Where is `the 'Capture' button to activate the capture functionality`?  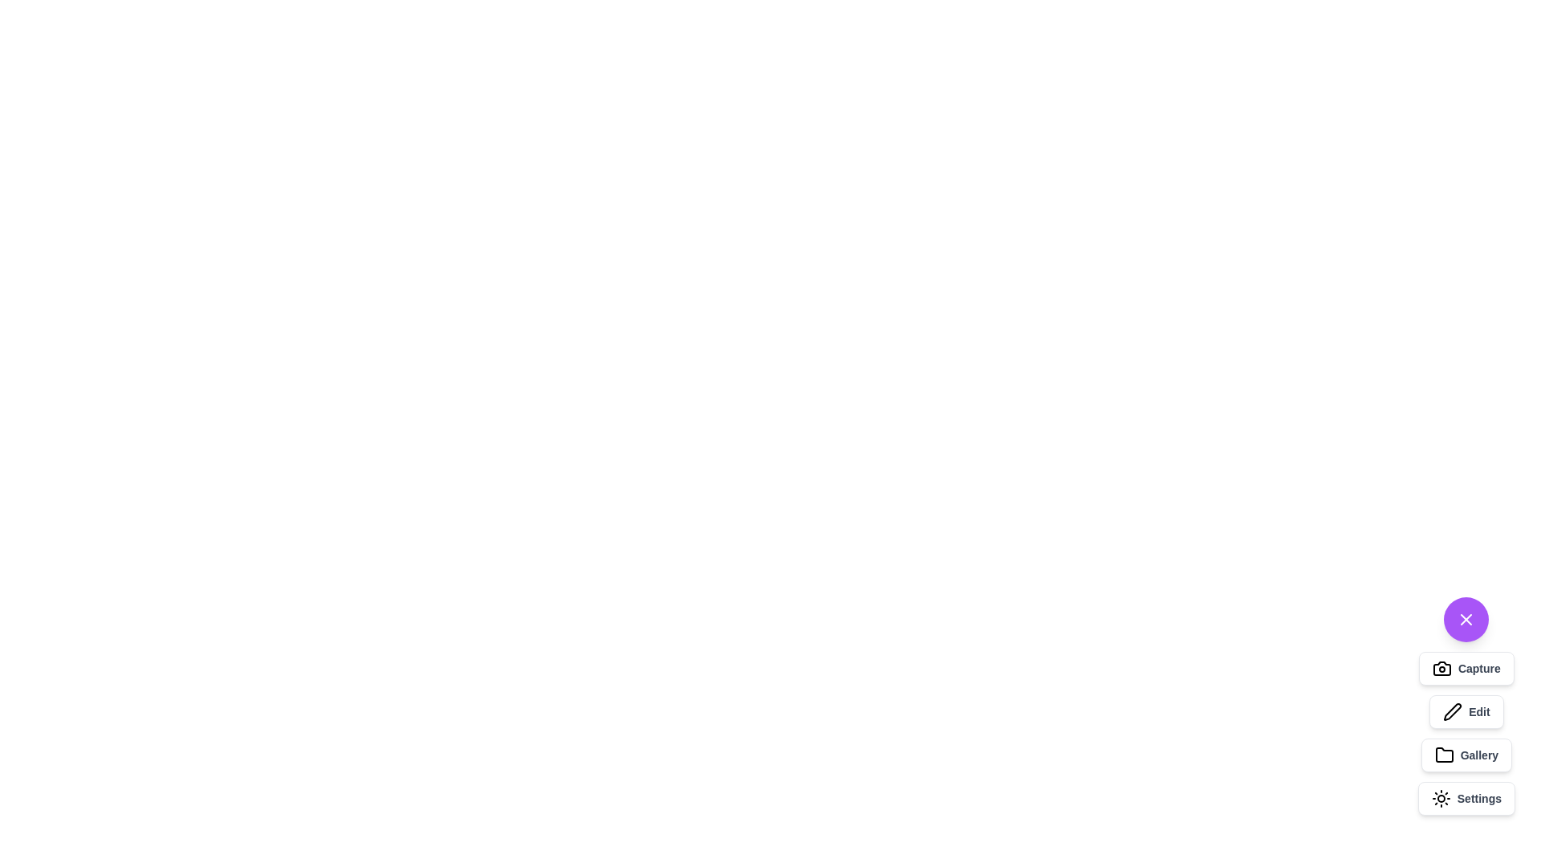 the 'Capture' button to activate the capture functionality is located at coordinates (1466, 669).